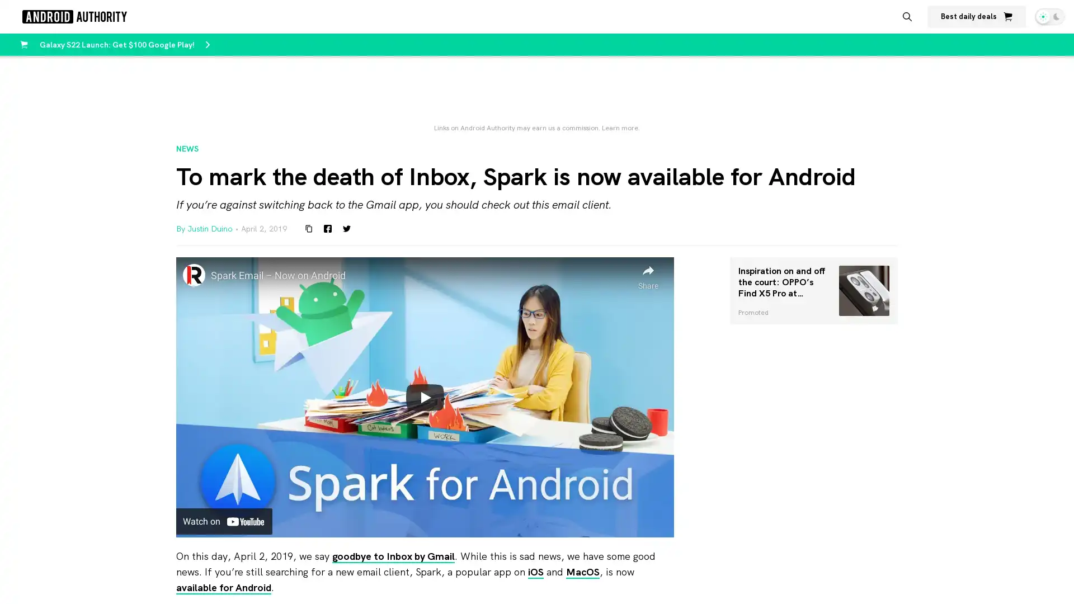 The image size is (1074, 604). What do you see at coordinates (309, 318) in the screenshot?
I see `Copy` at bounding box center [309, 318].